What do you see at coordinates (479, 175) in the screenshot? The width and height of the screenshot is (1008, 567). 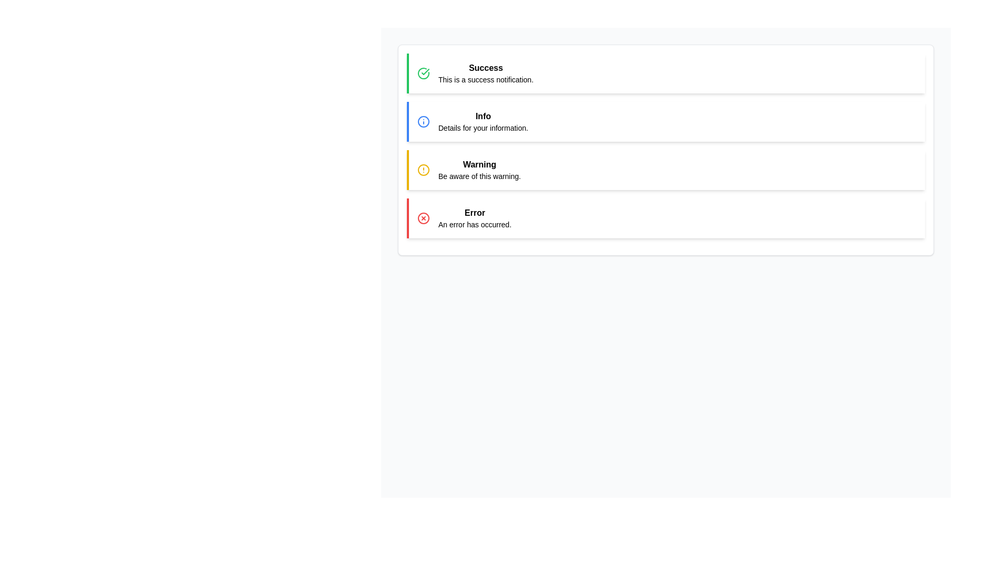 I see `the text label that provides detailed information related to a warning notification, positioned below the 'Warning' text and above the 'Error' text` at bounding box center [479, 175].